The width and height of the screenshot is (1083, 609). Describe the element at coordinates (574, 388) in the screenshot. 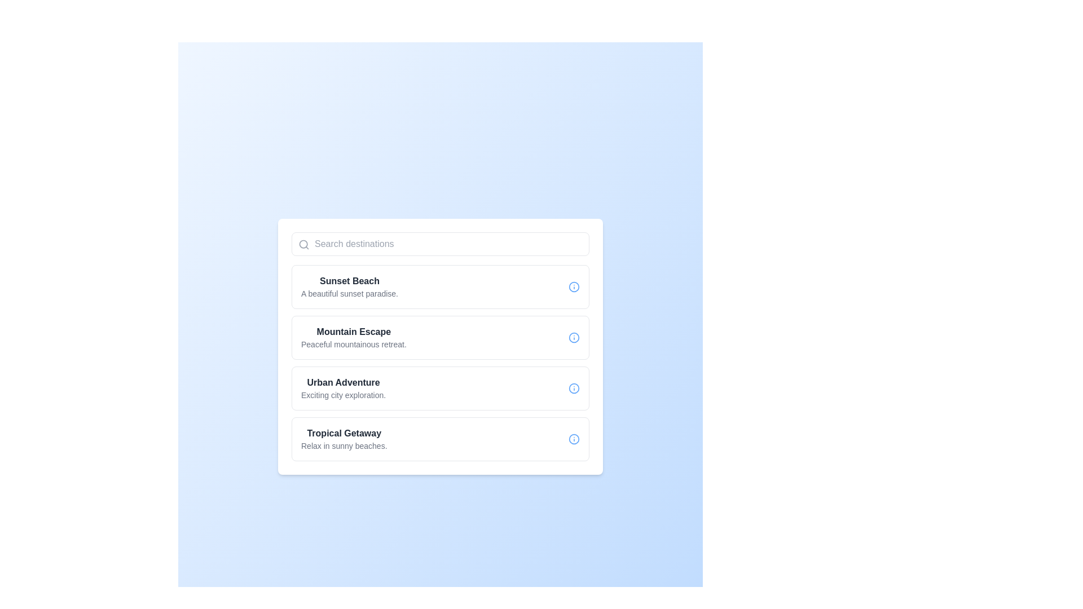

I see `the SVG Circle located to the right of the 'Urban Adventure' list item to observe tooltip or effects` at that location.